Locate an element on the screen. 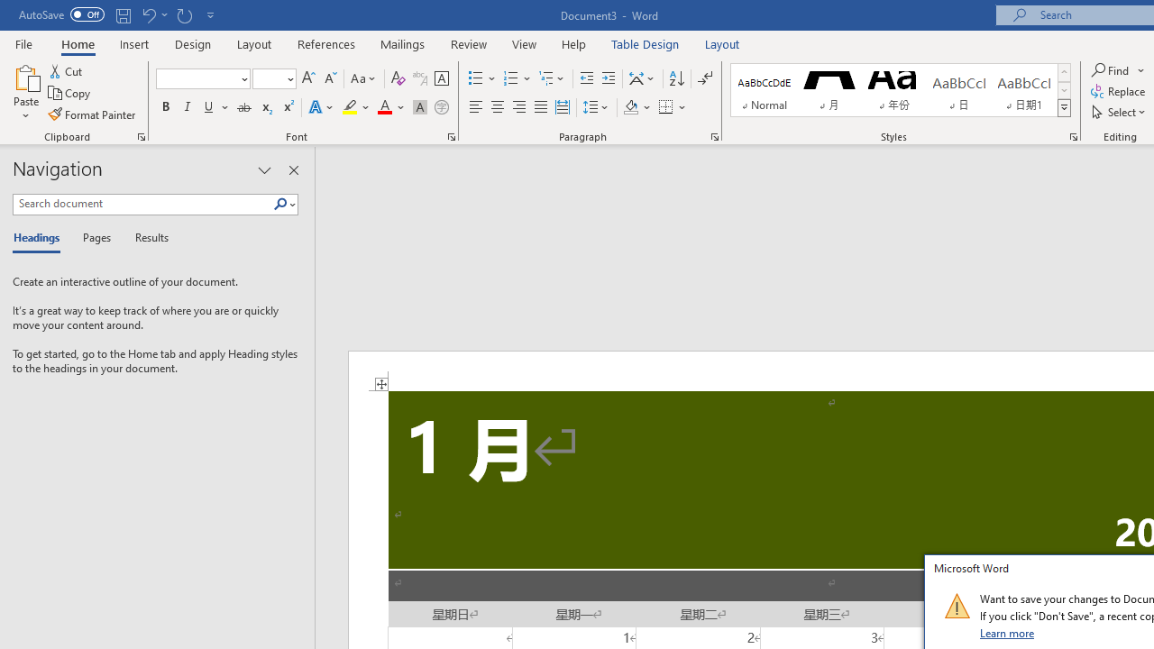  'Home' is located at coordinates (77, 43).